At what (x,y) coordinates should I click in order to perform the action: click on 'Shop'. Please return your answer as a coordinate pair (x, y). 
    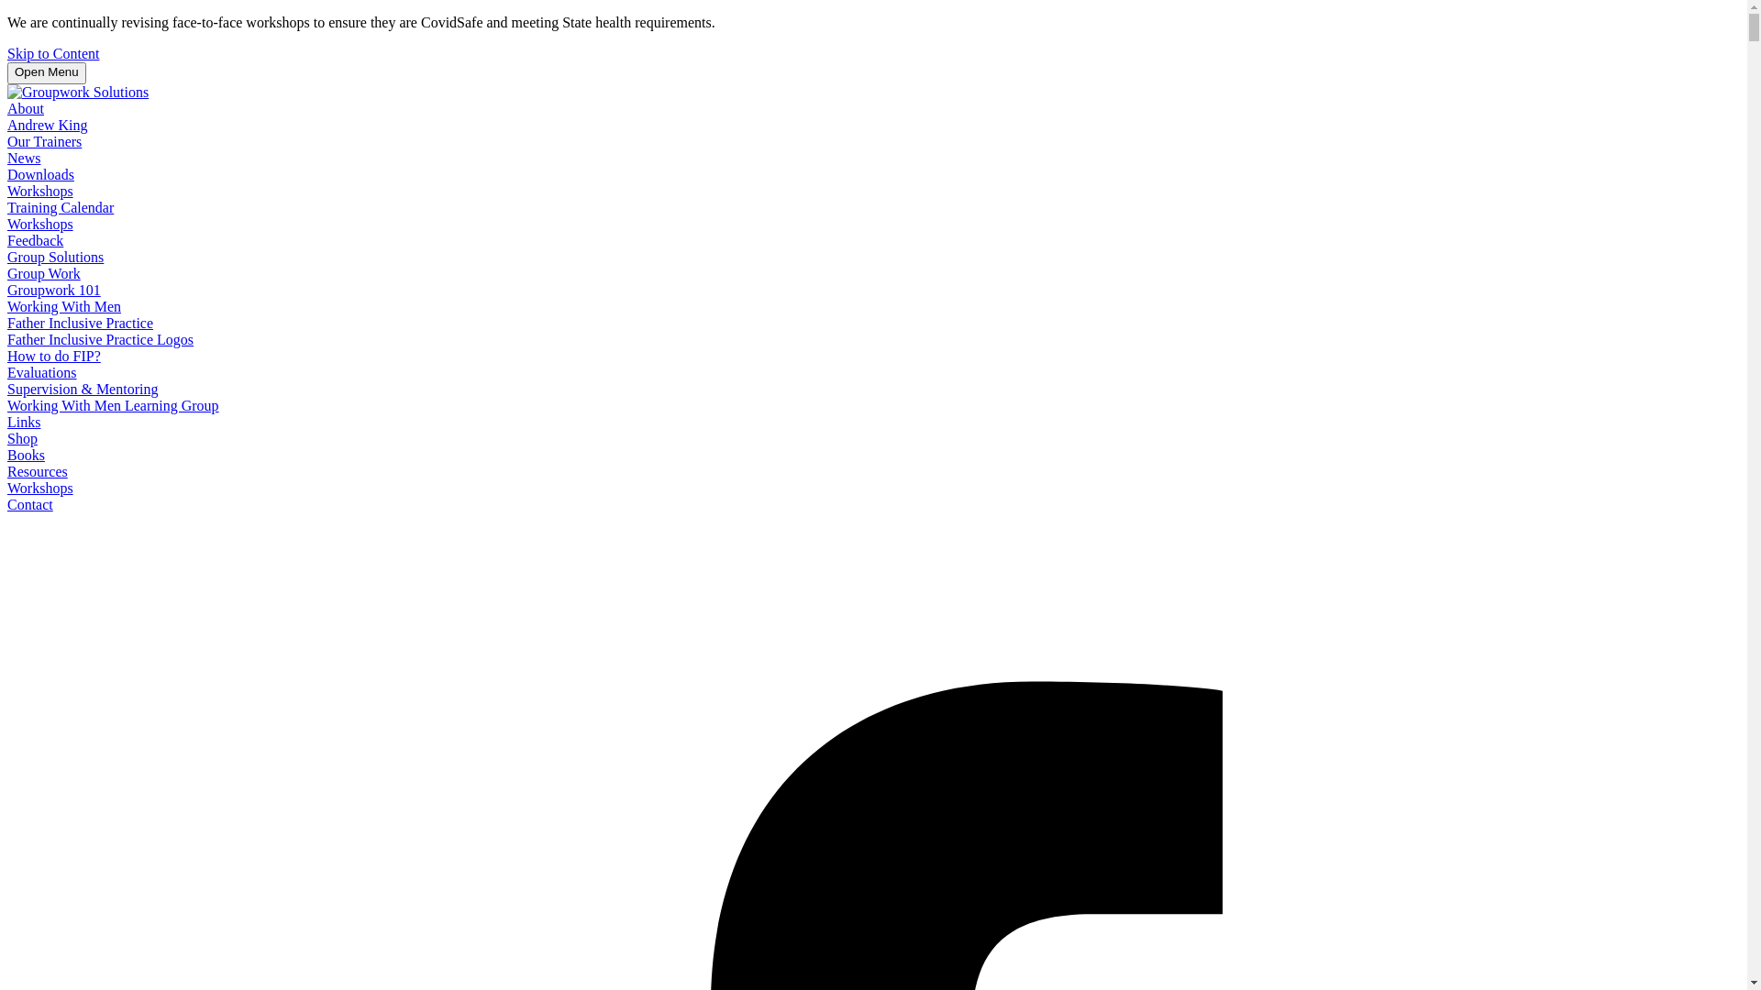
    Looking at the image, I should click on (22, 438).